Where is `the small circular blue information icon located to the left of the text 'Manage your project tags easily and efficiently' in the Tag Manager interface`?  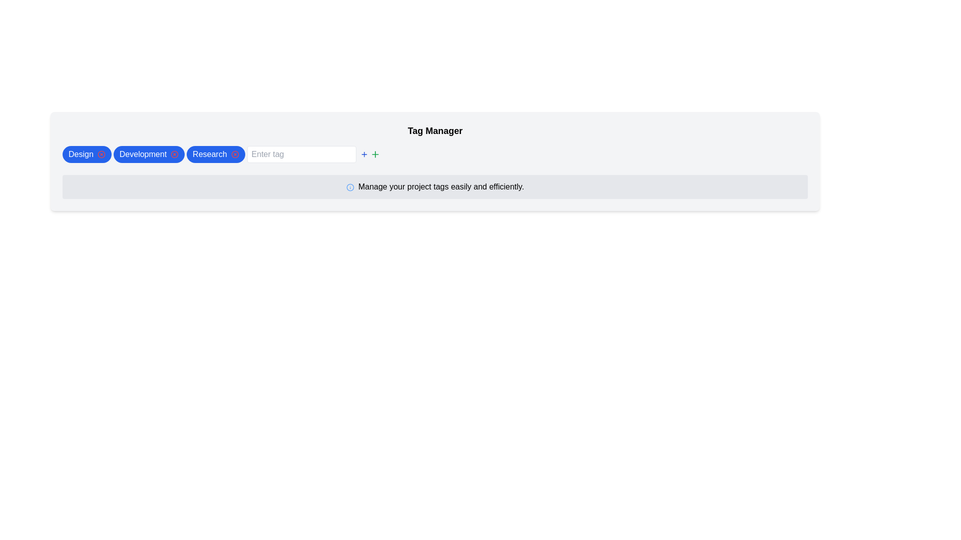
the small circular blue information icon located to the left of the text 'Manage your project tags easily and efficiently' in the Tag Manager interface is located at coordinates (350, 187).